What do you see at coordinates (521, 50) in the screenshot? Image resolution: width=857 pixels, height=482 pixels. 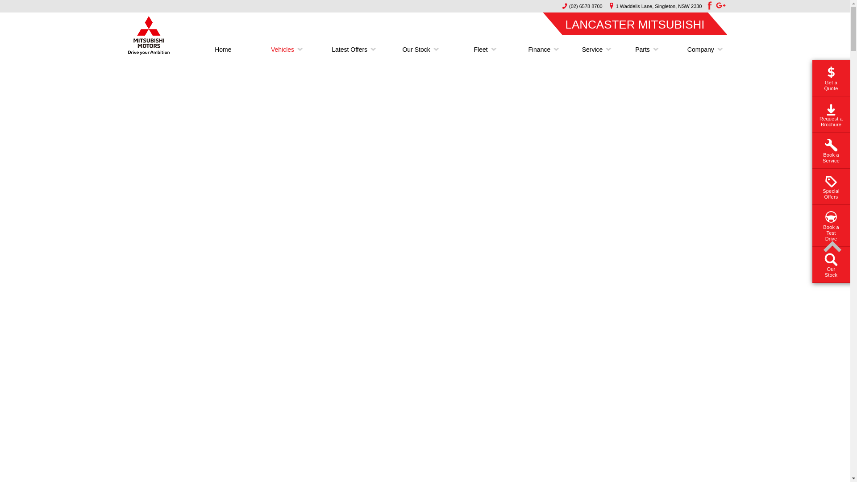 I see `'Finance'` at bounding box center [521, 50].